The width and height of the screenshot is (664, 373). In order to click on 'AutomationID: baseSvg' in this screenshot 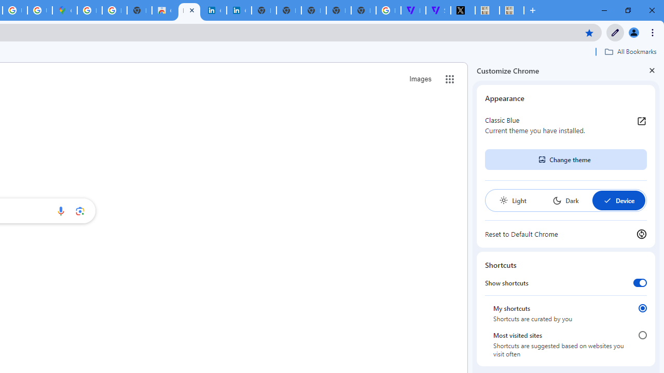, I will do `click(607, 200)`.